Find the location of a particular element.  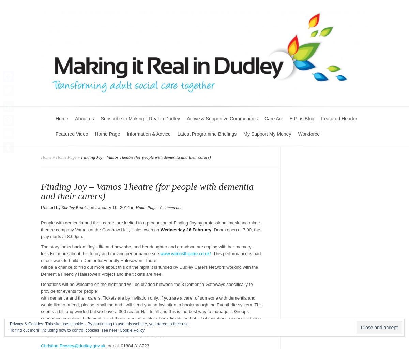

'Cookie Policy' is located at coordinates (132, 330).